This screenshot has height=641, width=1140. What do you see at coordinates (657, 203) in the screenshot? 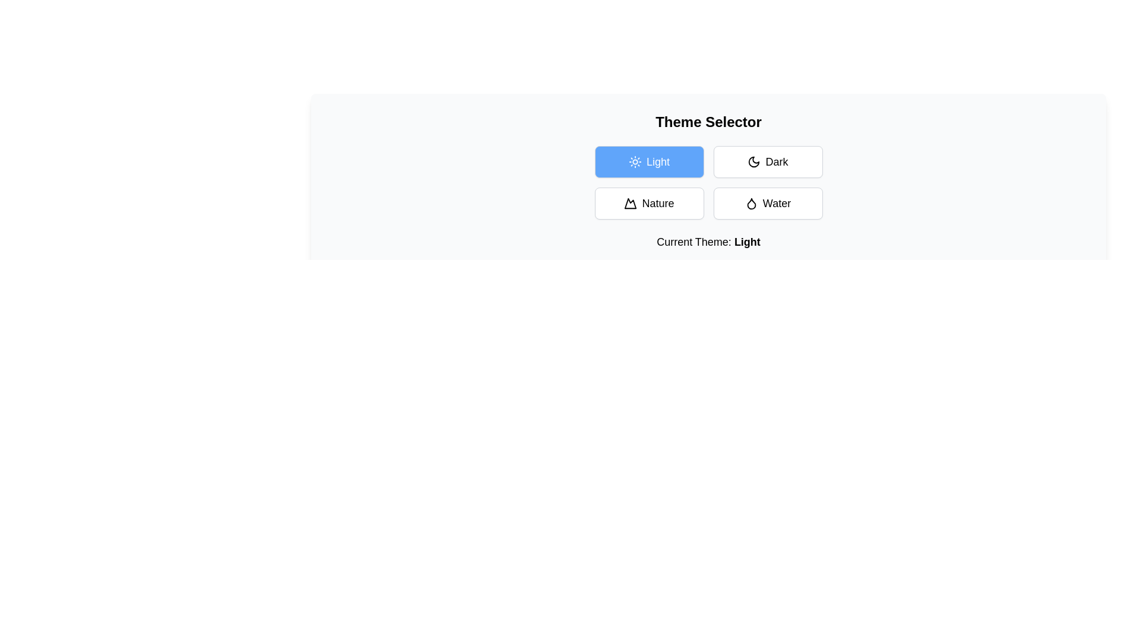
I see `the text label within the 'Nature' button, which indicates the theme represented by the button` at bounding box center [657, 203].